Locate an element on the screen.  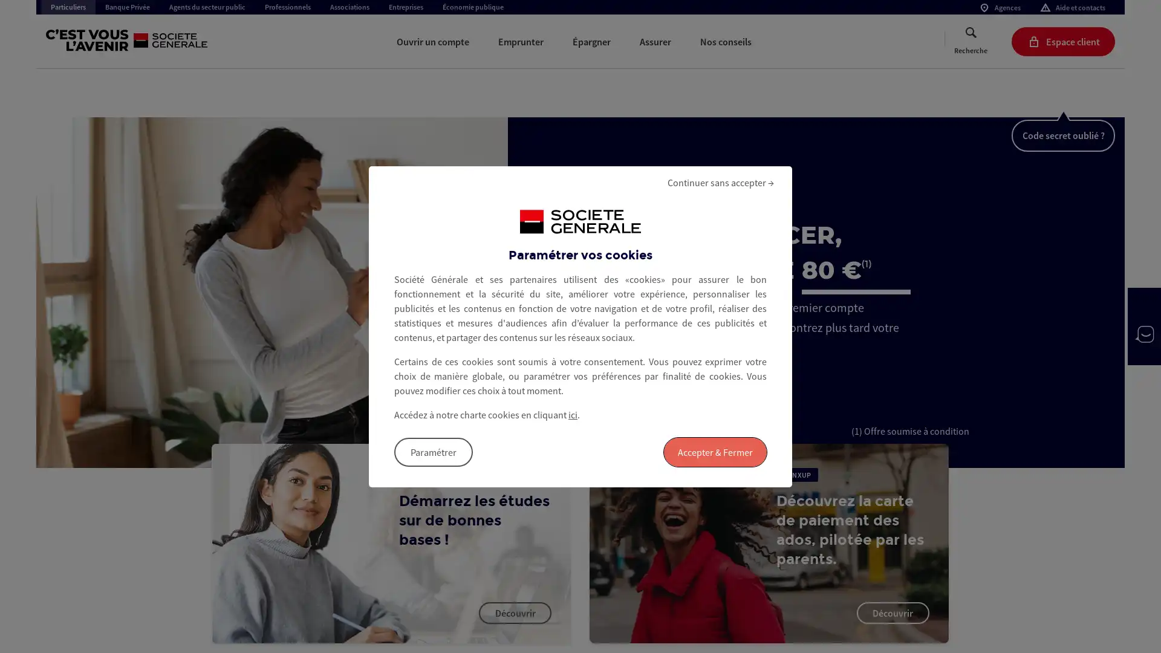
Recherche is located at coordinates (971, 41).